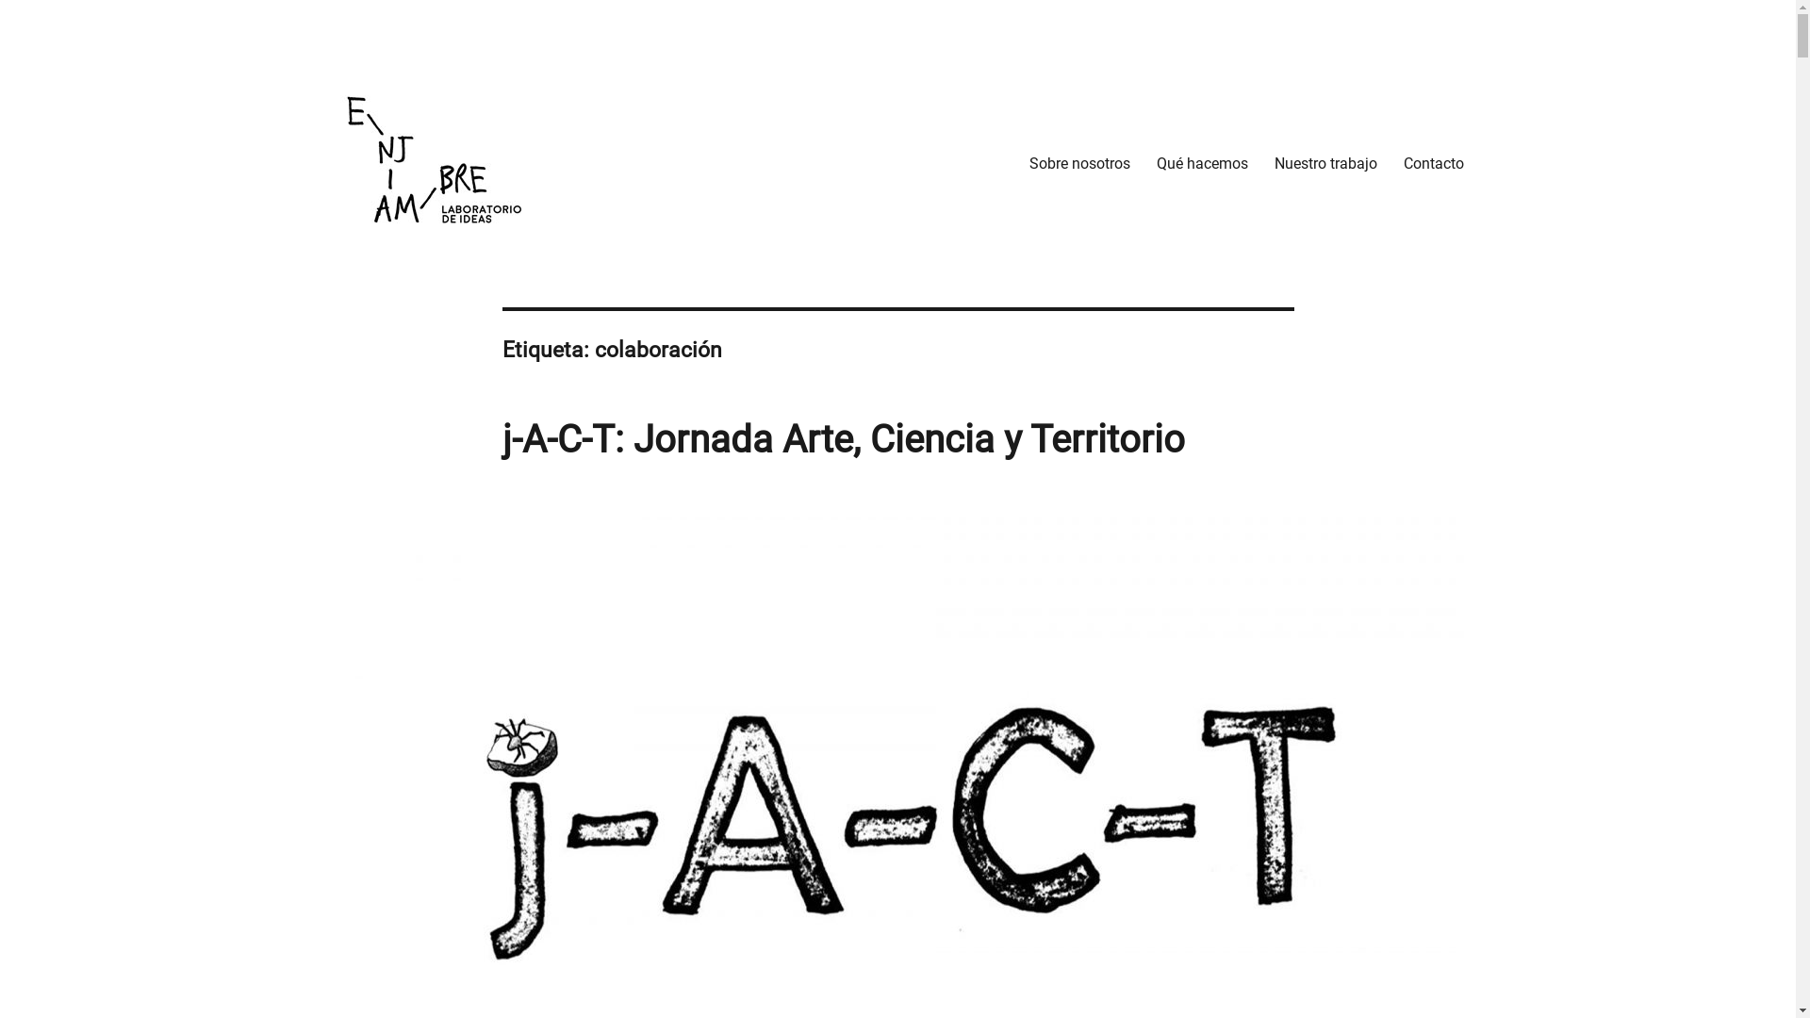 The height and width of the screenshot is (1018, 1810). I want to click on 'Sobre nosotros', so click(1015, 162).